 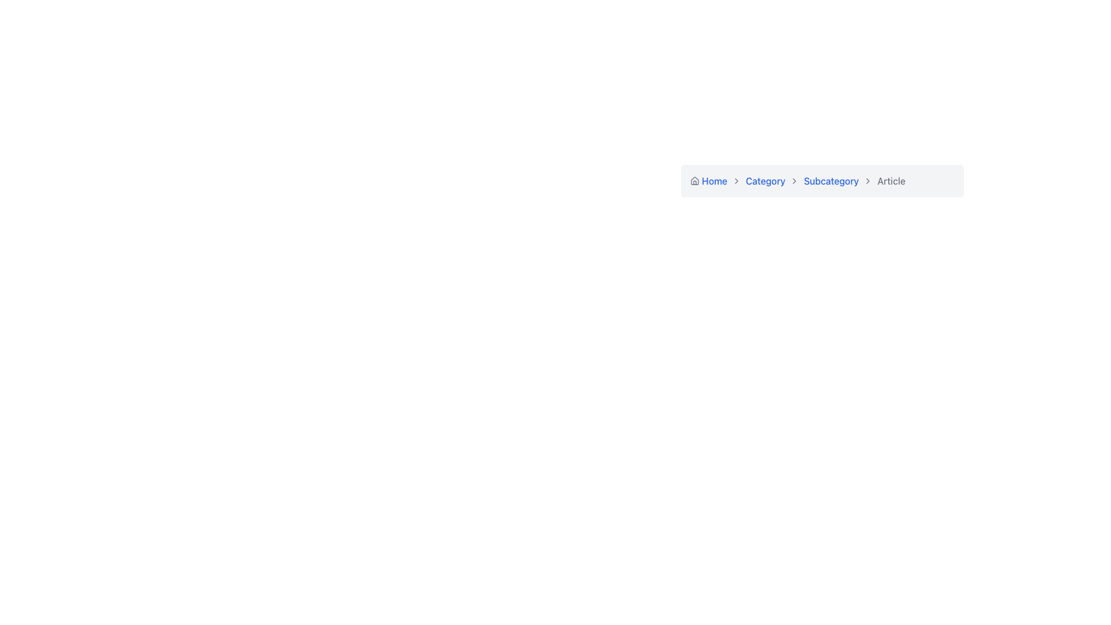 What do you see at coordinates (735, 181) in the screenshot?
I see `the first chevron icon in the breadcrumb navigation, which serves as a visual separator between the 'Home' link and the 'Category' link, for navigational purposes` at bounding box center [735, 181].